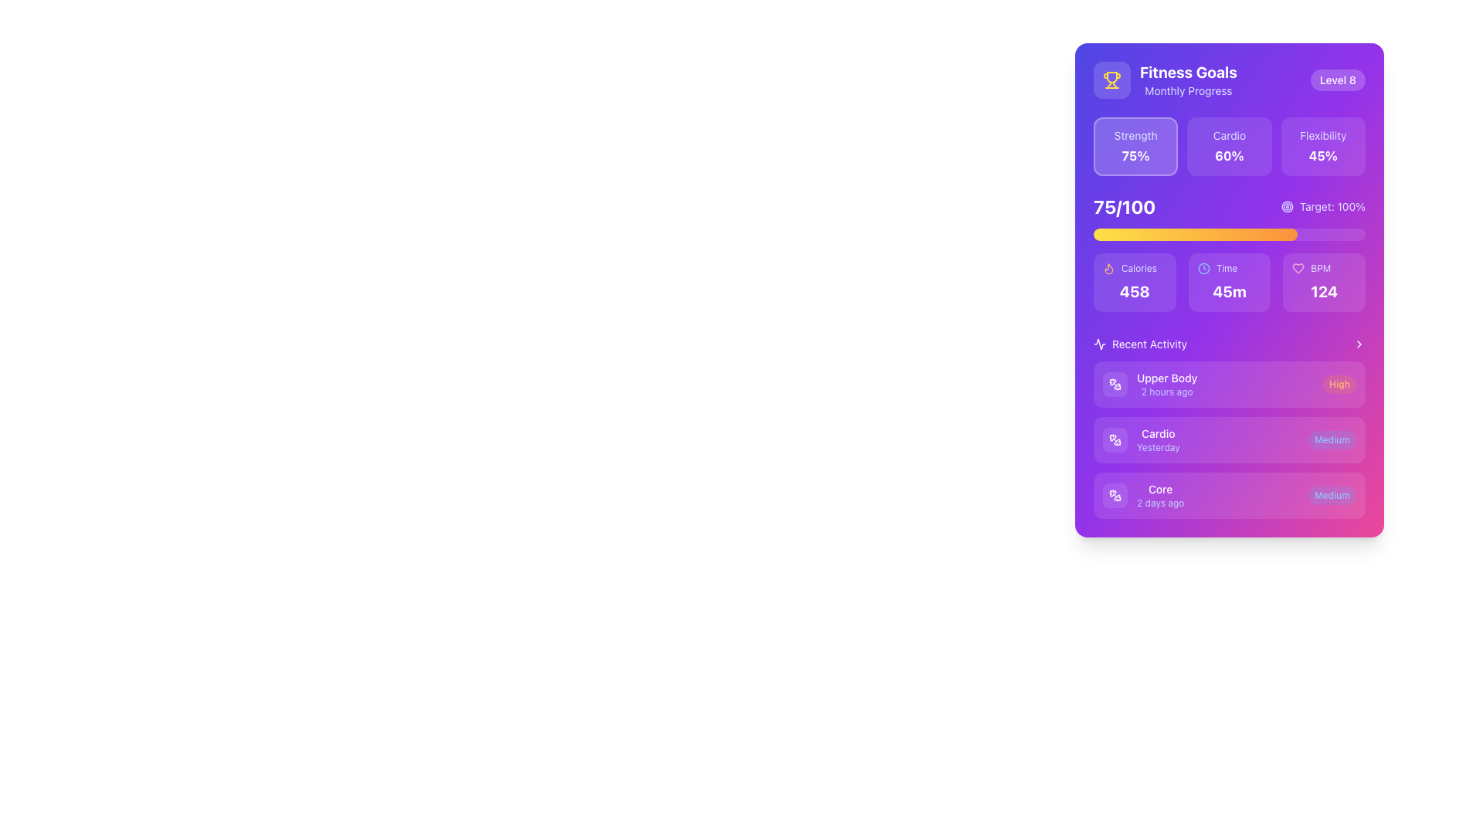  I want to click on the label describing the activity 'Core' with the timestamp '2 days ago', which is the third entry in the 'Recent Activity' section, located below 'Cardio' and above the 'Medium' importance button, so click(1160, 495).